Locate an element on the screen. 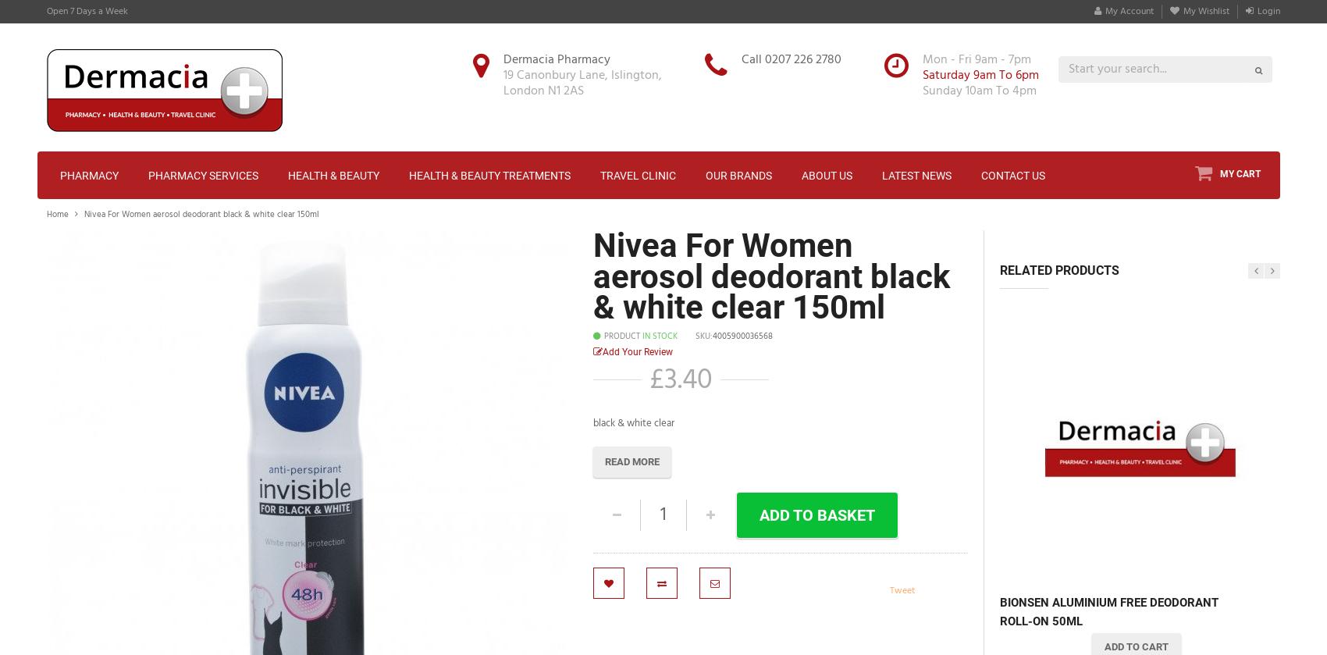  'Pharmacy Services' is located at coordinates (203, 175).